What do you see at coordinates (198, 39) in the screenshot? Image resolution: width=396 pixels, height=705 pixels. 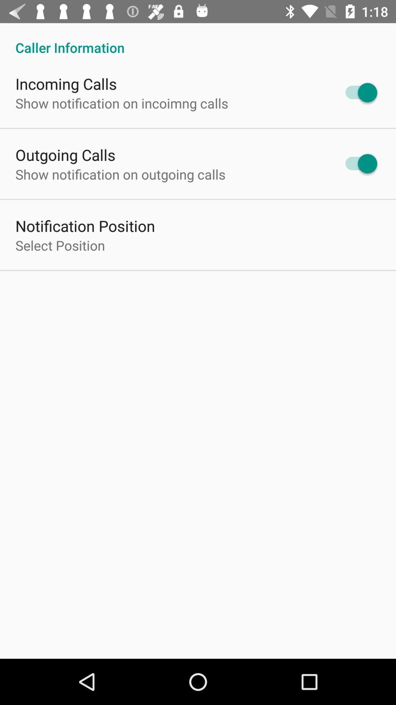 I see `the caller information icon` at bounding box center [198, 39].